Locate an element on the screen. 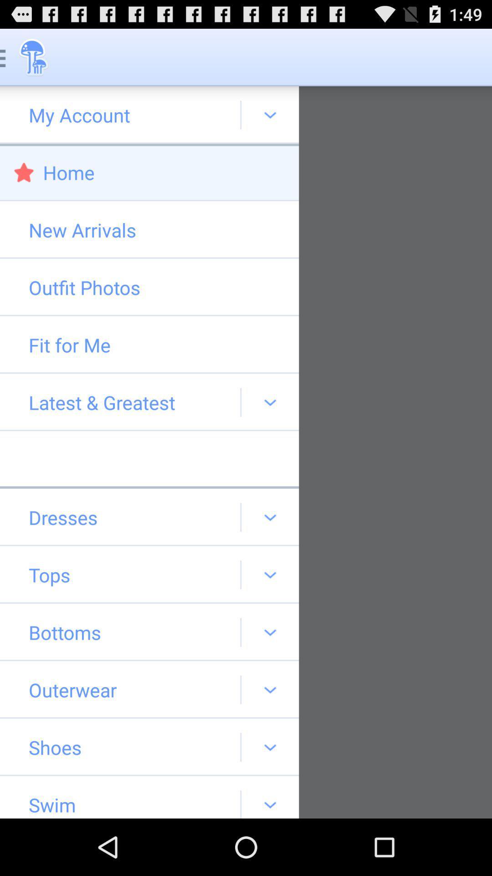 Image resolution: width=492 pixels, height=876 pixels. the arrow at right side of bottoms is located at coordinates (270, 632).